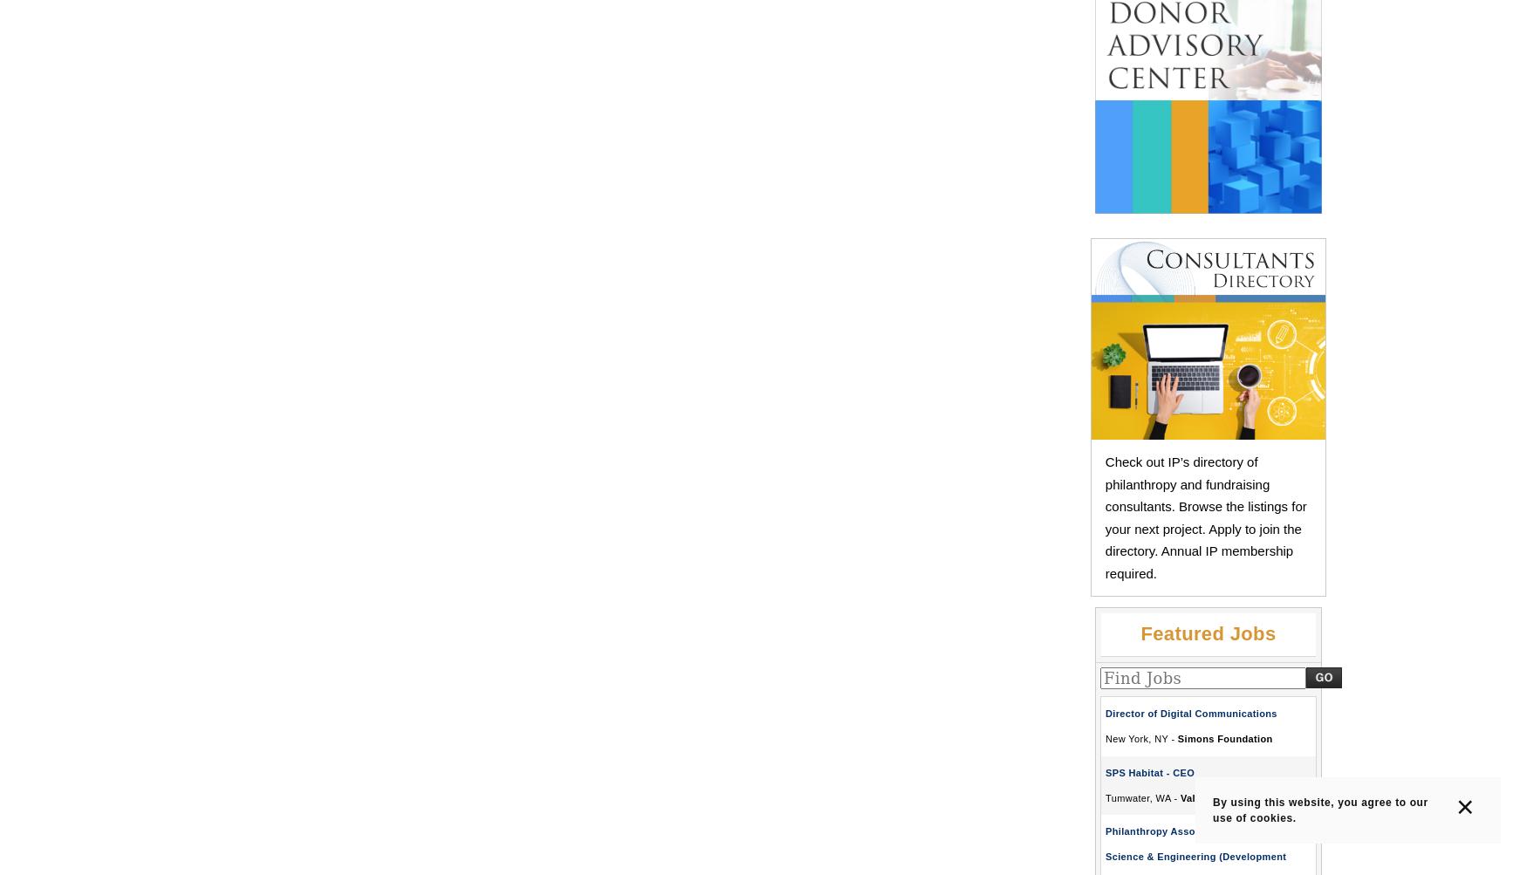 The image size is (1527, 875). What do you see at coordinates (1105, 714) in the screenshot?
I see `'Director of Digital Communications'` at bounding box center [1105, 714].